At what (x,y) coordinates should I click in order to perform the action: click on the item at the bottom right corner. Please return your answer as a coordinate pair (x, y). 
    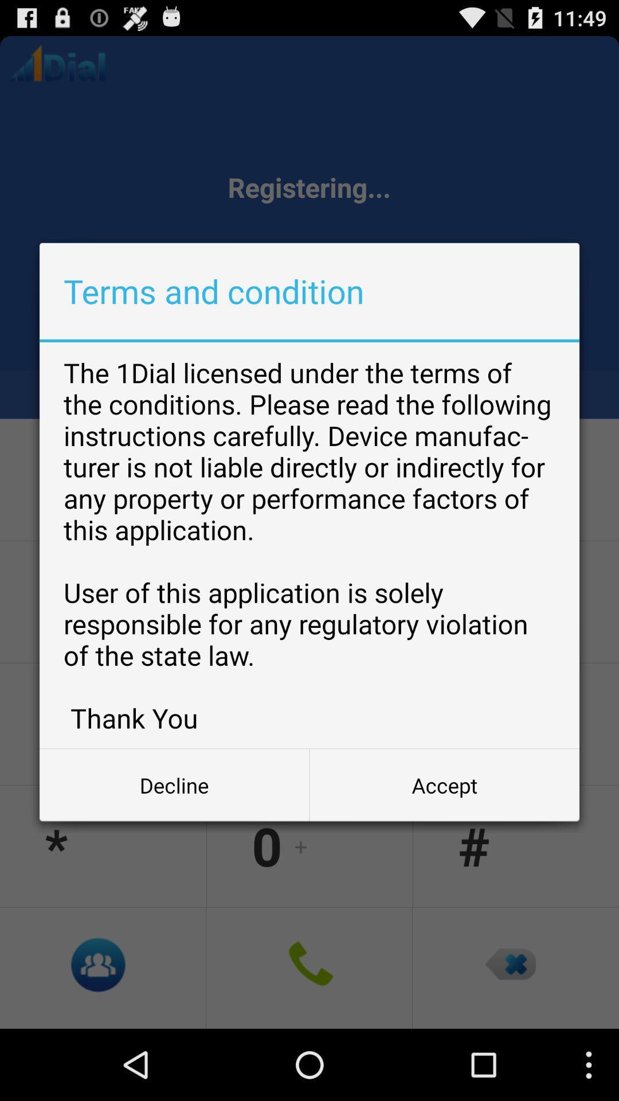
    Looking at the image, I should click on (444, 784).